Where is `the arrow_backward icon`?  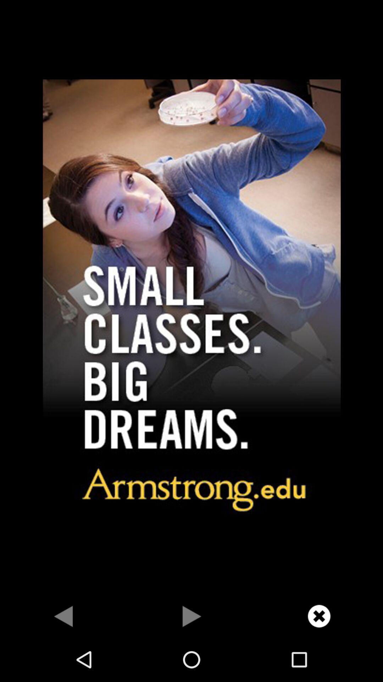
the arrow_backward icon is located at coordinates (64, 659).